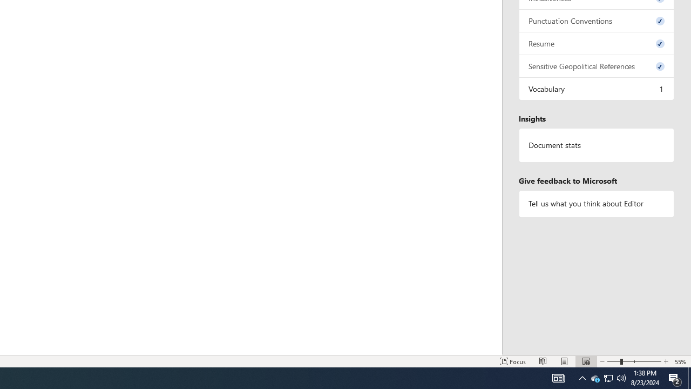 The height and width of the screenshot is (389, 691). What do you see at coordinates (596, 145) in the screenshot?
I see `'Document statistics'` at bounding box center [596, 145].